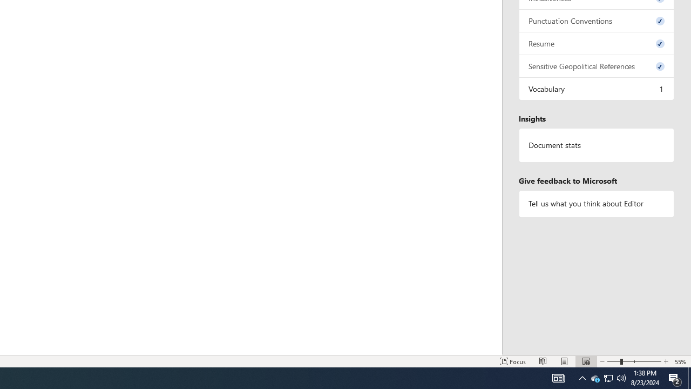 The height and width of the screenshot is (389, 691). What do you see at coordinates (596, 145) in the screenshot?
I see `'Document statistics'` at bounding box center [596, 145].